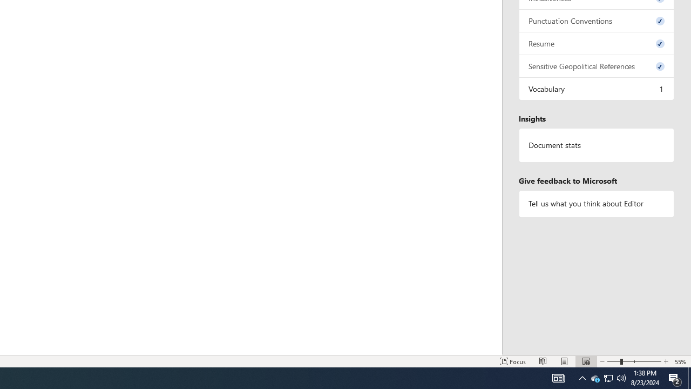 The height and width of the screenshot is (389, 691). What do you see at coordinates (596, 145) in the screenshot?
I see `'Document statistics'` at bounding box center [596, 145].